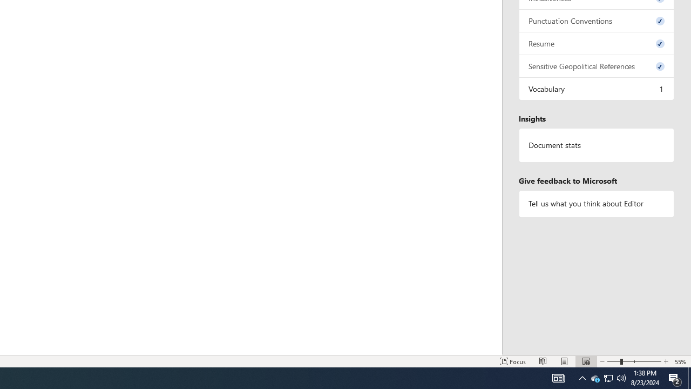 The height and width of the screenshot is (389, 691). What do you see at coordinates (596, 145) in the screenshot?
I see `'Document statistics'` at bounding box center [596, 145].